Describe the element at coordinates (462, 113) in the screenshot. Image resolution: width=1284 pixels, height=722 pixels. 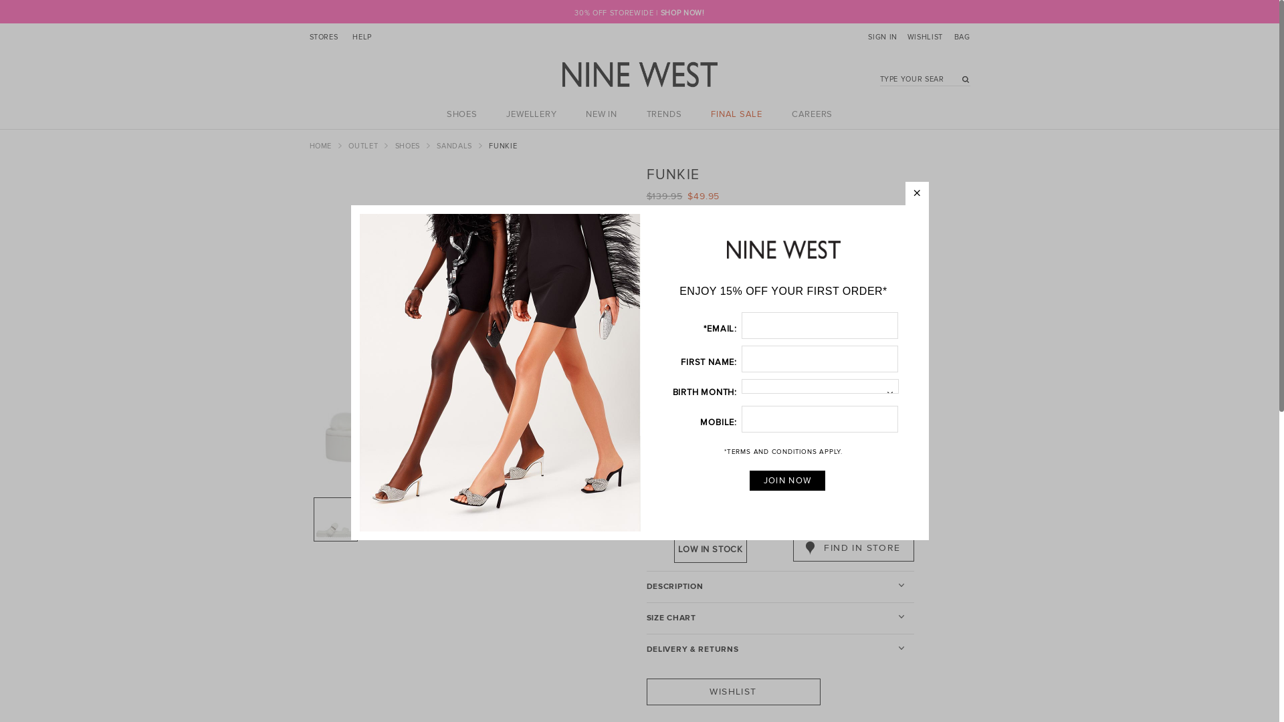
I see `'SHOES'` at that location.